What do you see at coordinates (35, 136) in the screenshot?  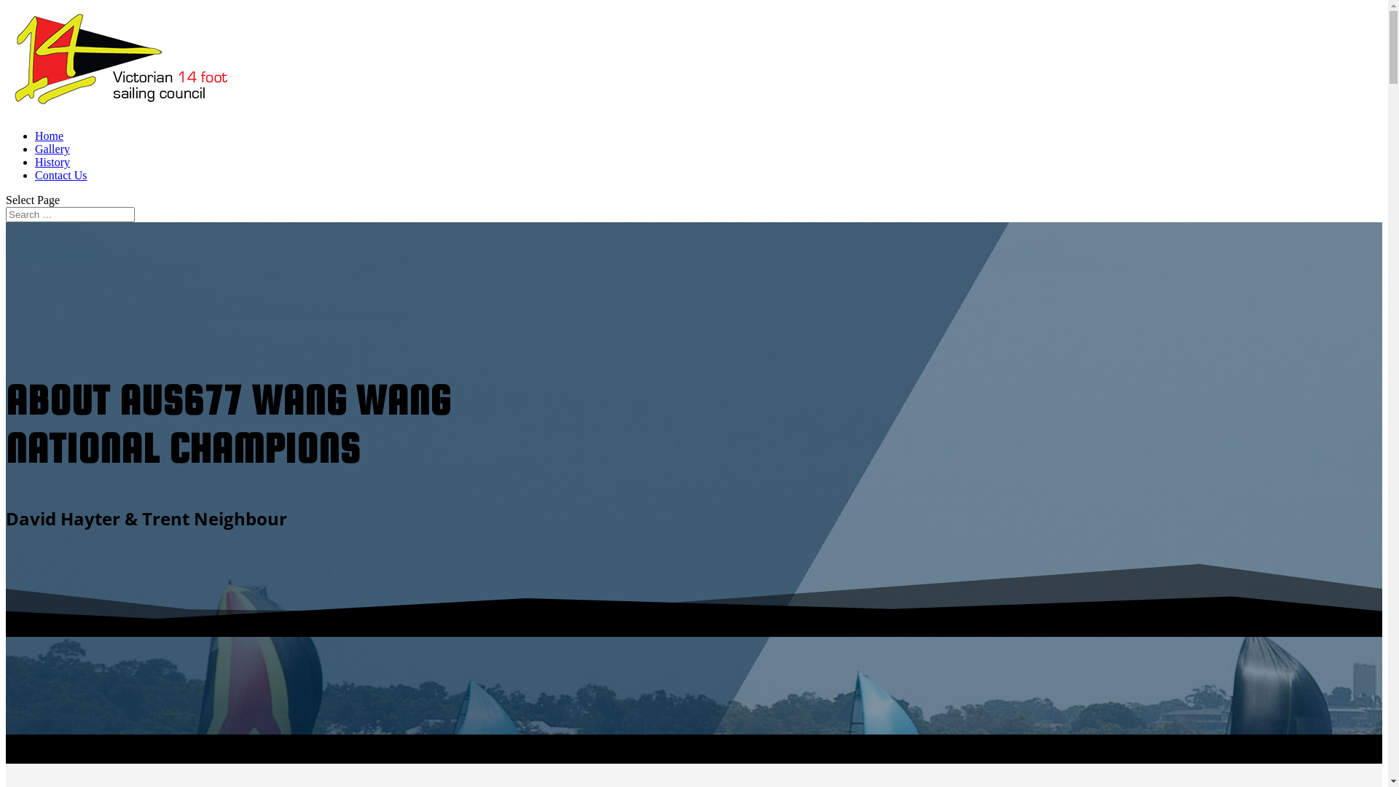 I see `'Home'` at bounding box center [35, 136].